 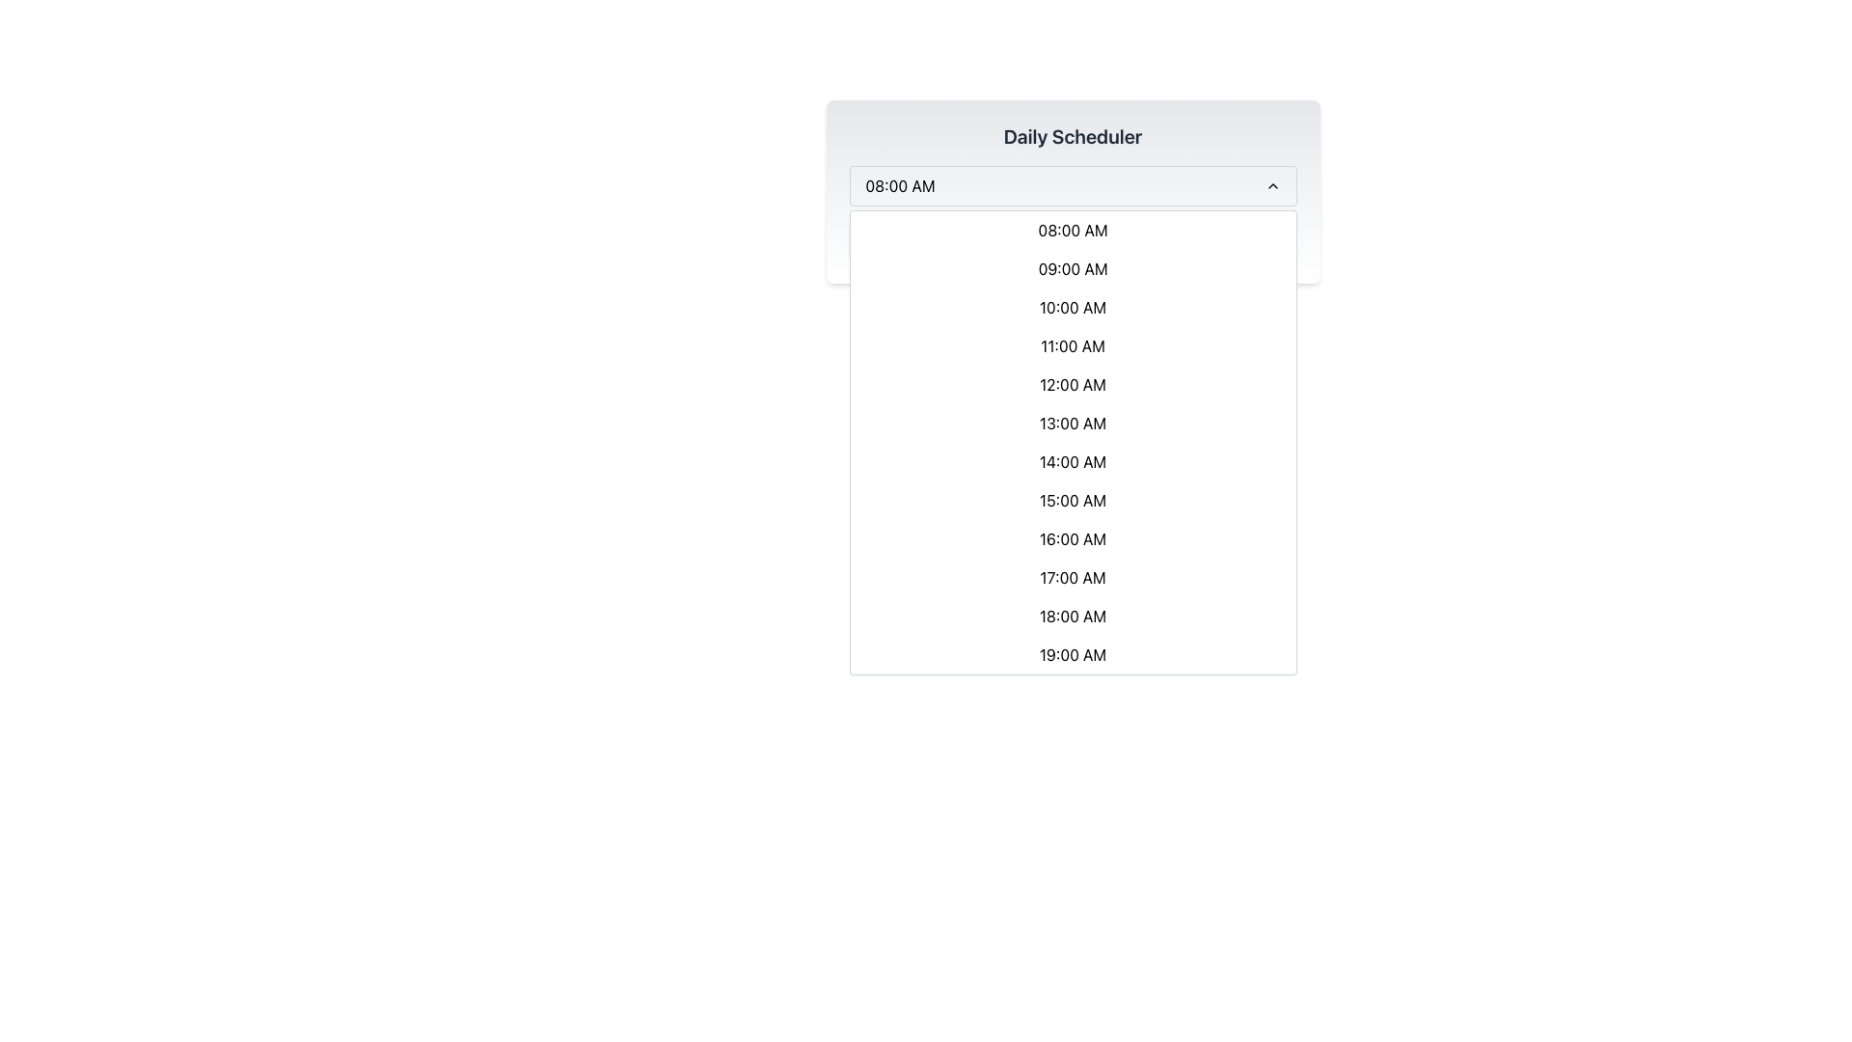 What do you see at coordinates (1072, 136) in the screenshot?
I see `the 'Daily Scheduler' text label, which is a bold, large font element positioned at the top of the panel containing time selection options` at bounding box center [1072, 136].